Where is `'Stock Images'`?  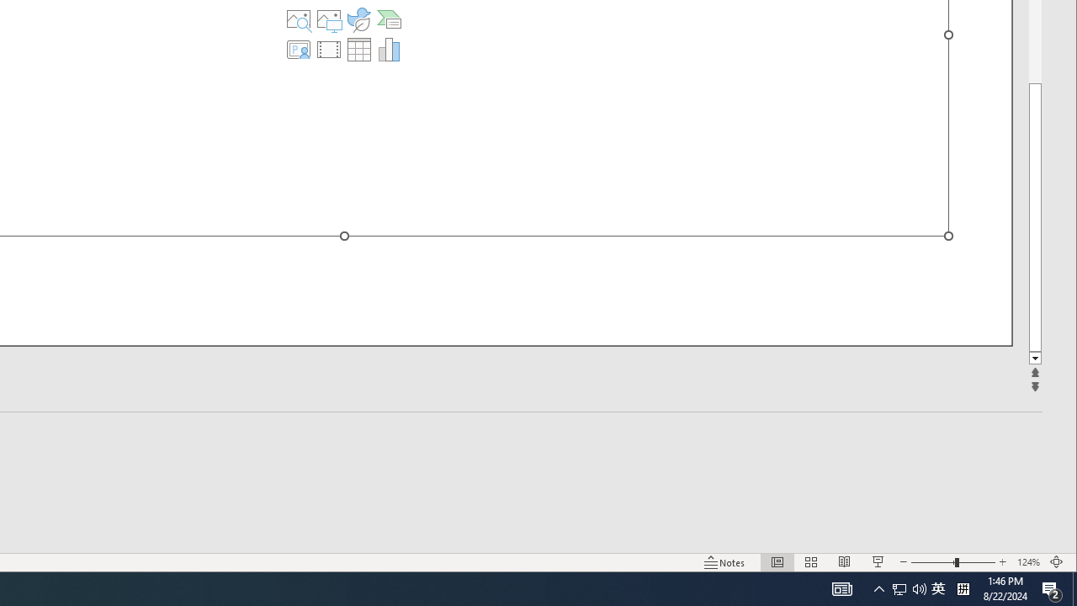
'Stock Images' is located at coordinates (299, 19).